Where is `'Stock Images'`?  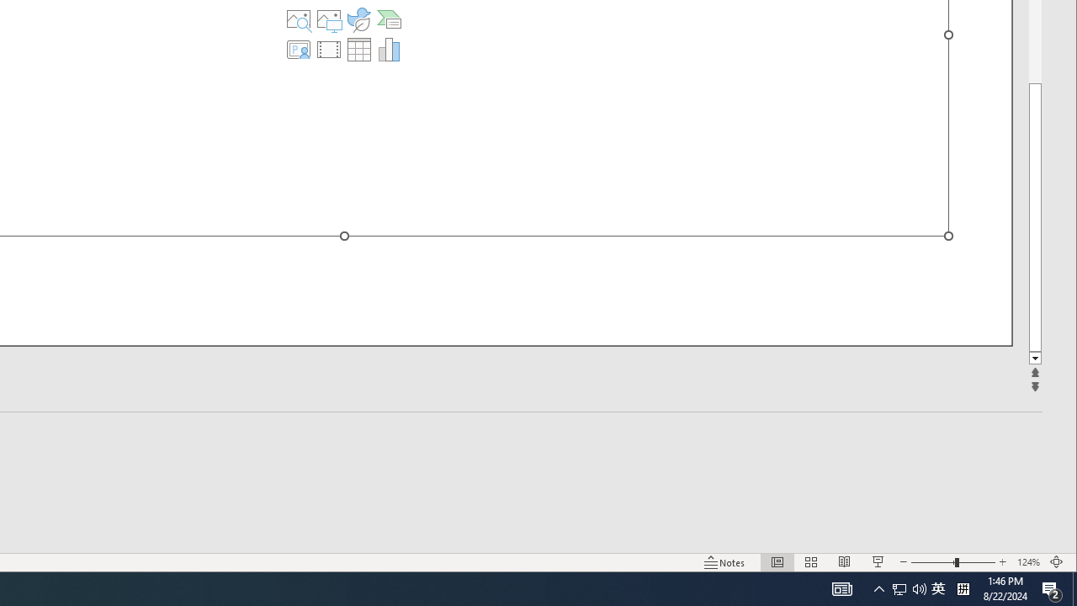
'Stock Images' is located at coordinates (299, 19).